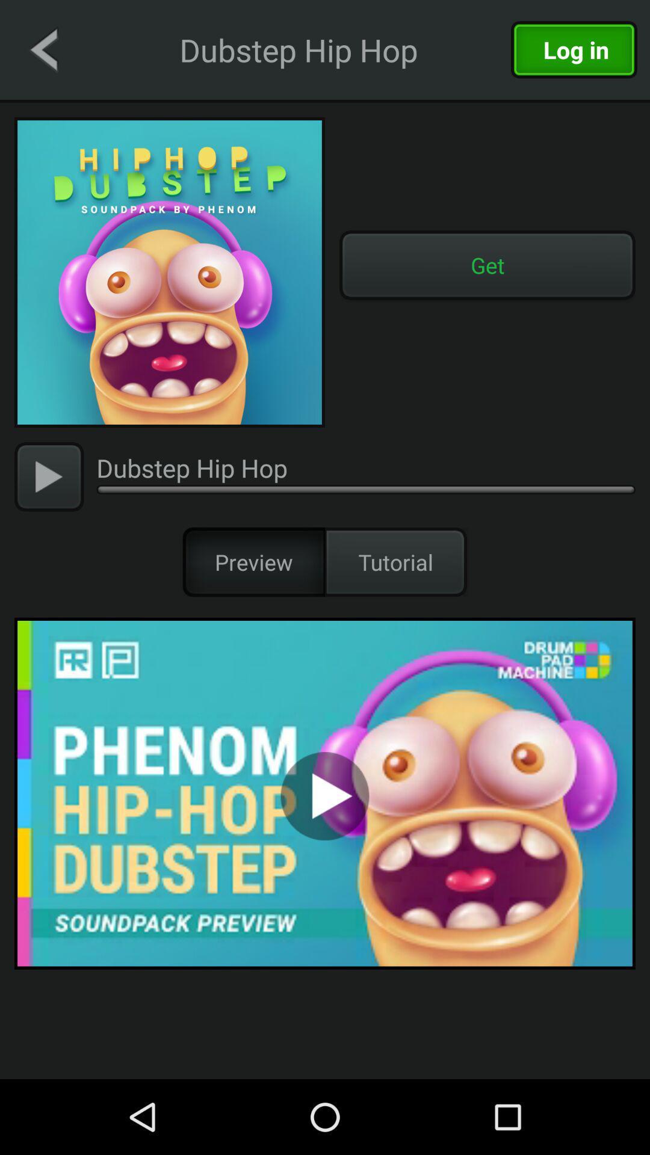 This screenshot has height=1155, width=650. What do you see at coordinates (169, 271) in the screenshot?
I see `image of soundtrack` at bounding box center [169, 271].